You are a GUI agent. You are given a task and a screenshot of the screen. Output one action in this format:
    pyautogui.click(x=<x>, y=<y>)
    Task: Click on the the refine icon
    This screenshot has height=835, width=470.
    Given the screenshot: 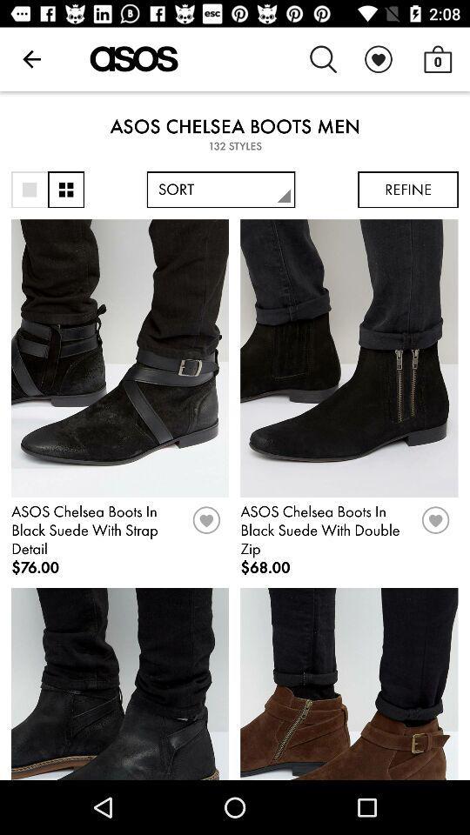 What is the action you would take?
    pyautogui.click(x=408, y=190)
    